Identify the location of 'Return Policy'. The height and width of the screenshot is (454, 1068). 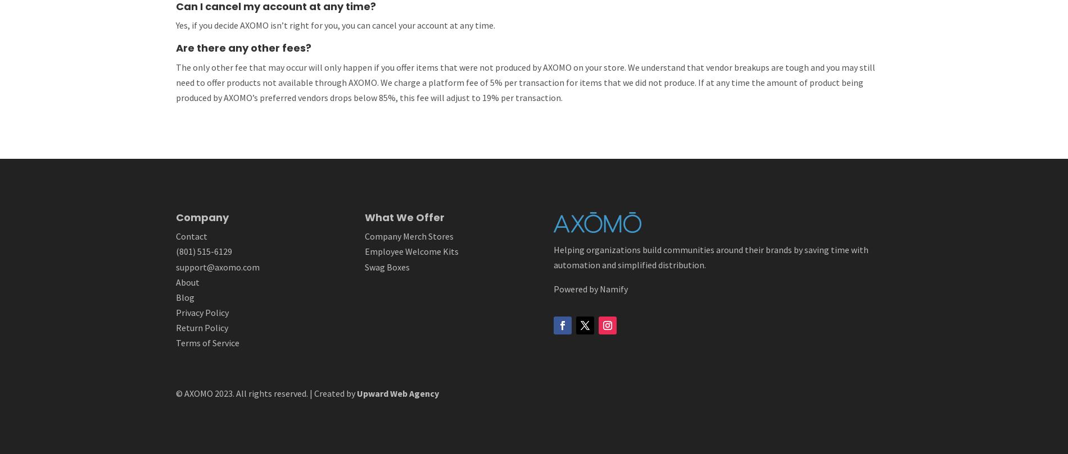
(201, 328).